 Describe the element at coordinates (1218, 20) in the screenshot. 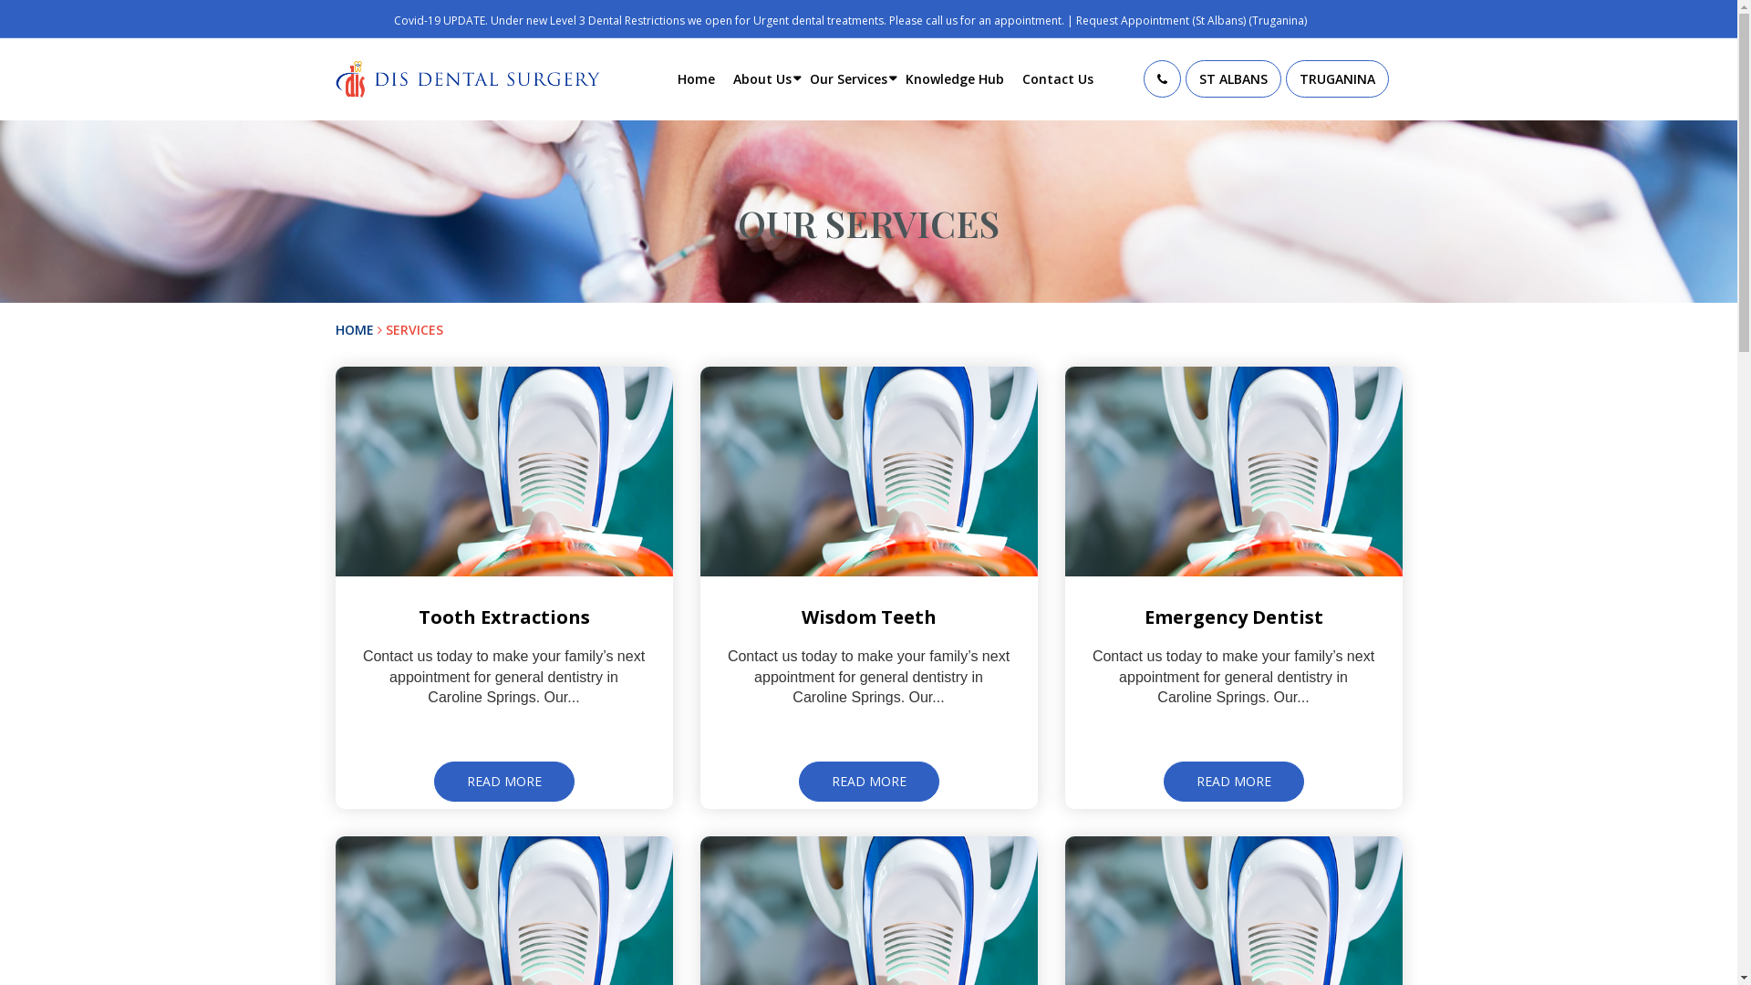

I see `'(St Albans)'` at that location.